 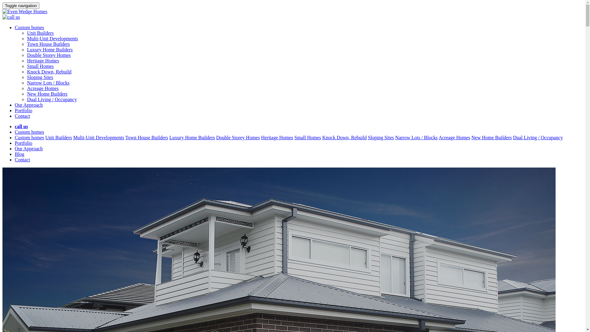 What do you see at coordinates (2, 6) in the screenshot?
I see `'Toggle navigation'` at bounding box center [2, 6].